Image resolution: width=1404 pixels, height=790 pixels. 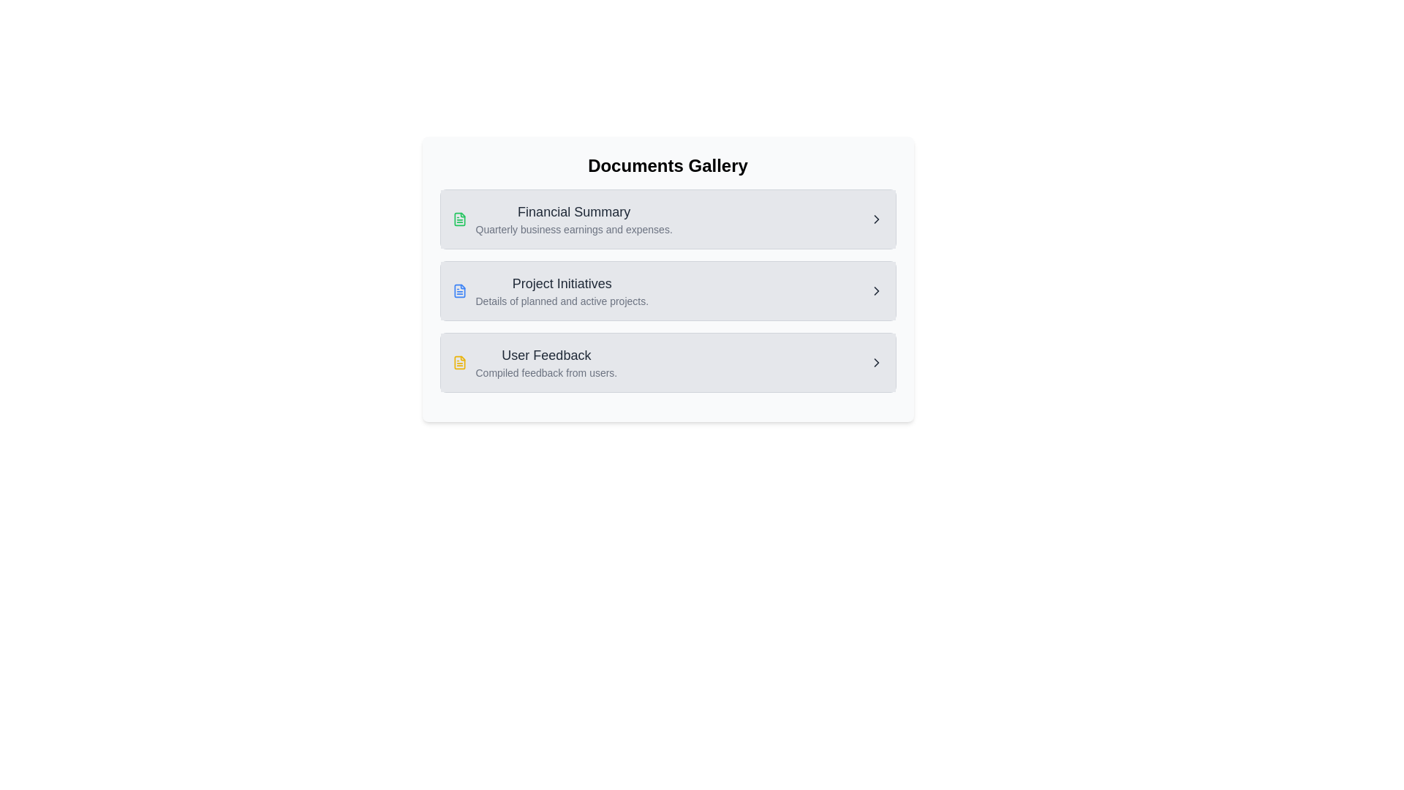 What do you see at coordinates (458, 219) in the screenshot?
I see `the green document file icon located to the left of the 'Financial Summary' title, which is the first icon in a vertical list of items` at bounding box center [458, 219].